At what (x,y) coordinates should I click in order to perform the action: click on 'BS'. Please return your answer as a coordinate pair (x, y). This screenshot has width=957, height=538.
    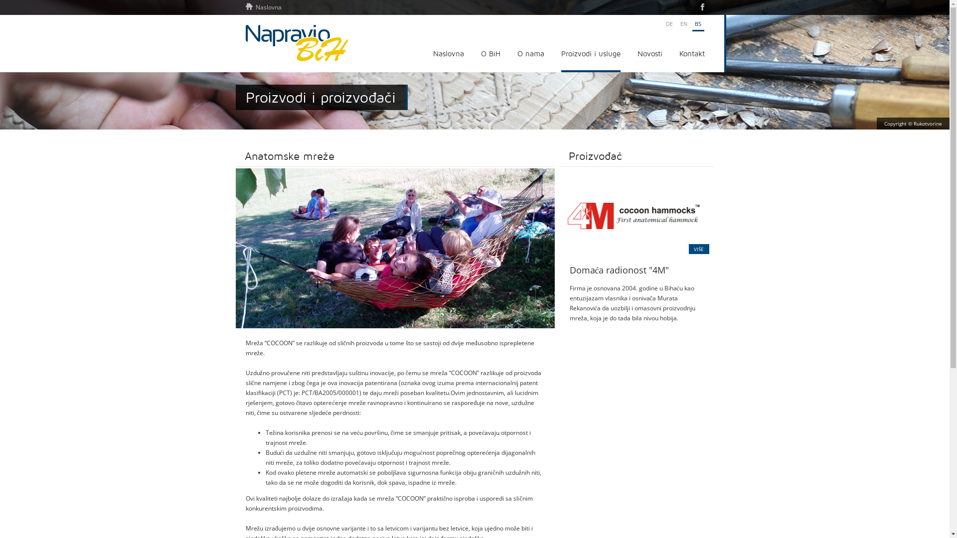
    Looking at the image, I should click on (697, 24).